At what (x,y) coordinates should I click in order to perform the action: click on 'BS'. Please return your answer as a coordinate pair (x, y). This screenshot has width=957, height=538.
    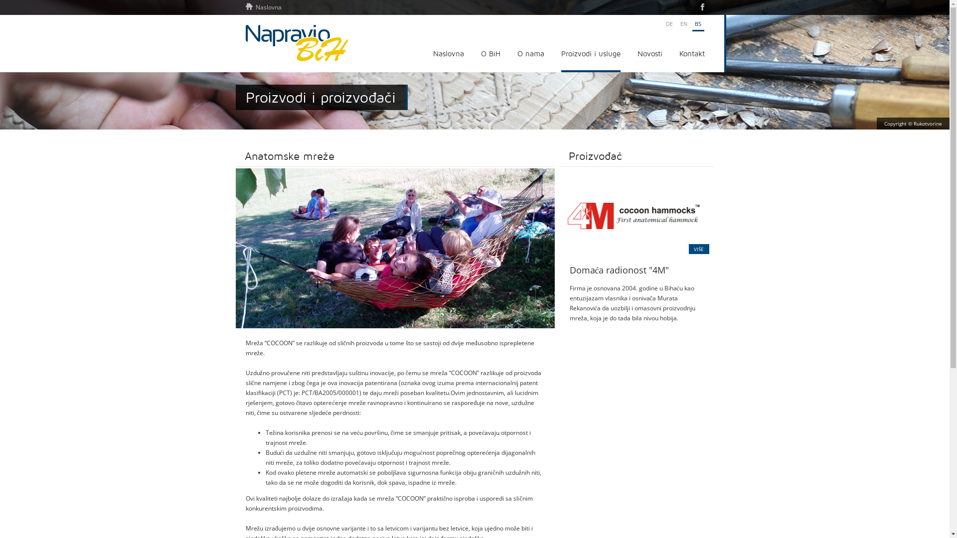
    Looking at the image, I should click on (697, 24).